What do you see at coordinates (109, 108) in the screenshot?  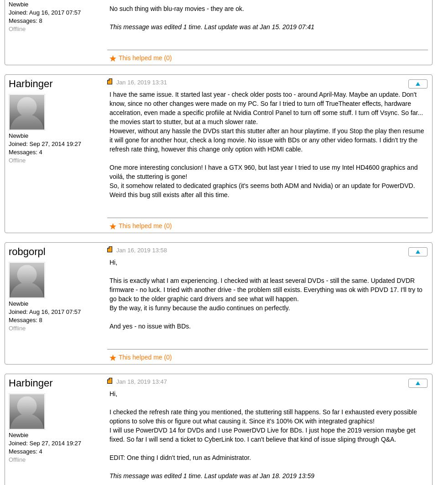 I see `'I have the same issue. It started last year - check older posts too - around April-May. Maybe an update. Don't know, since no other changes were made on my PC. So far I tried to turn off TrueTheater effects, hardware accelration, even made a specific profiile at Nvidia Control Panel to turn off some stuff. I turn off Vsync. So far... the movies start to stutter, but at a much slower rate.'` at bounding box center [109, 108].